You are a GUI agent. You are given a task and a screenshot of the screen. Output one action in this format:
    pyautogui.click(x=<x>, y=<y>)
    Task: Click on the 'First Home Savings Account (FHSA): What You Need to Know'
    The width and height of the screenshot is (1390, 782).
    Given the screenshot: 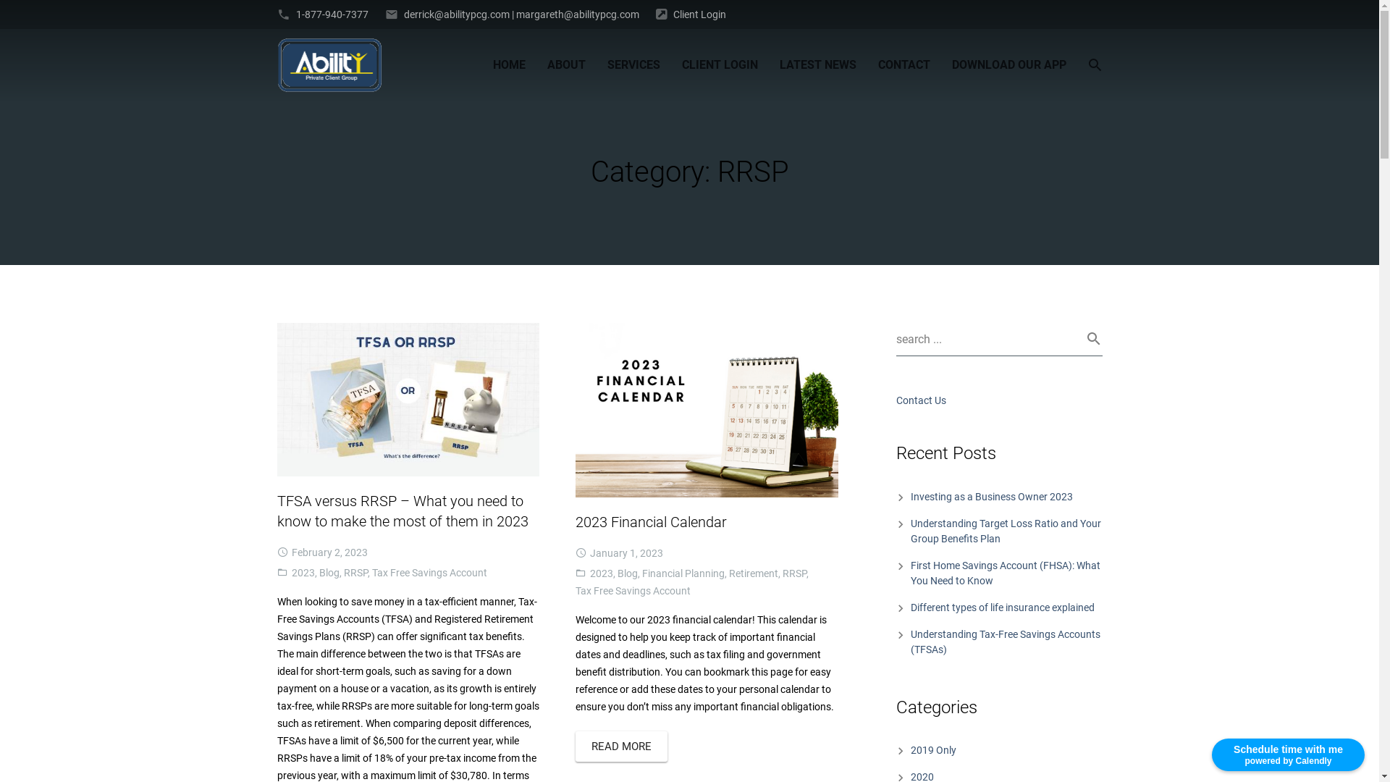 What is the action you would take?
    pyautogui.click(x=909, y=572)
    